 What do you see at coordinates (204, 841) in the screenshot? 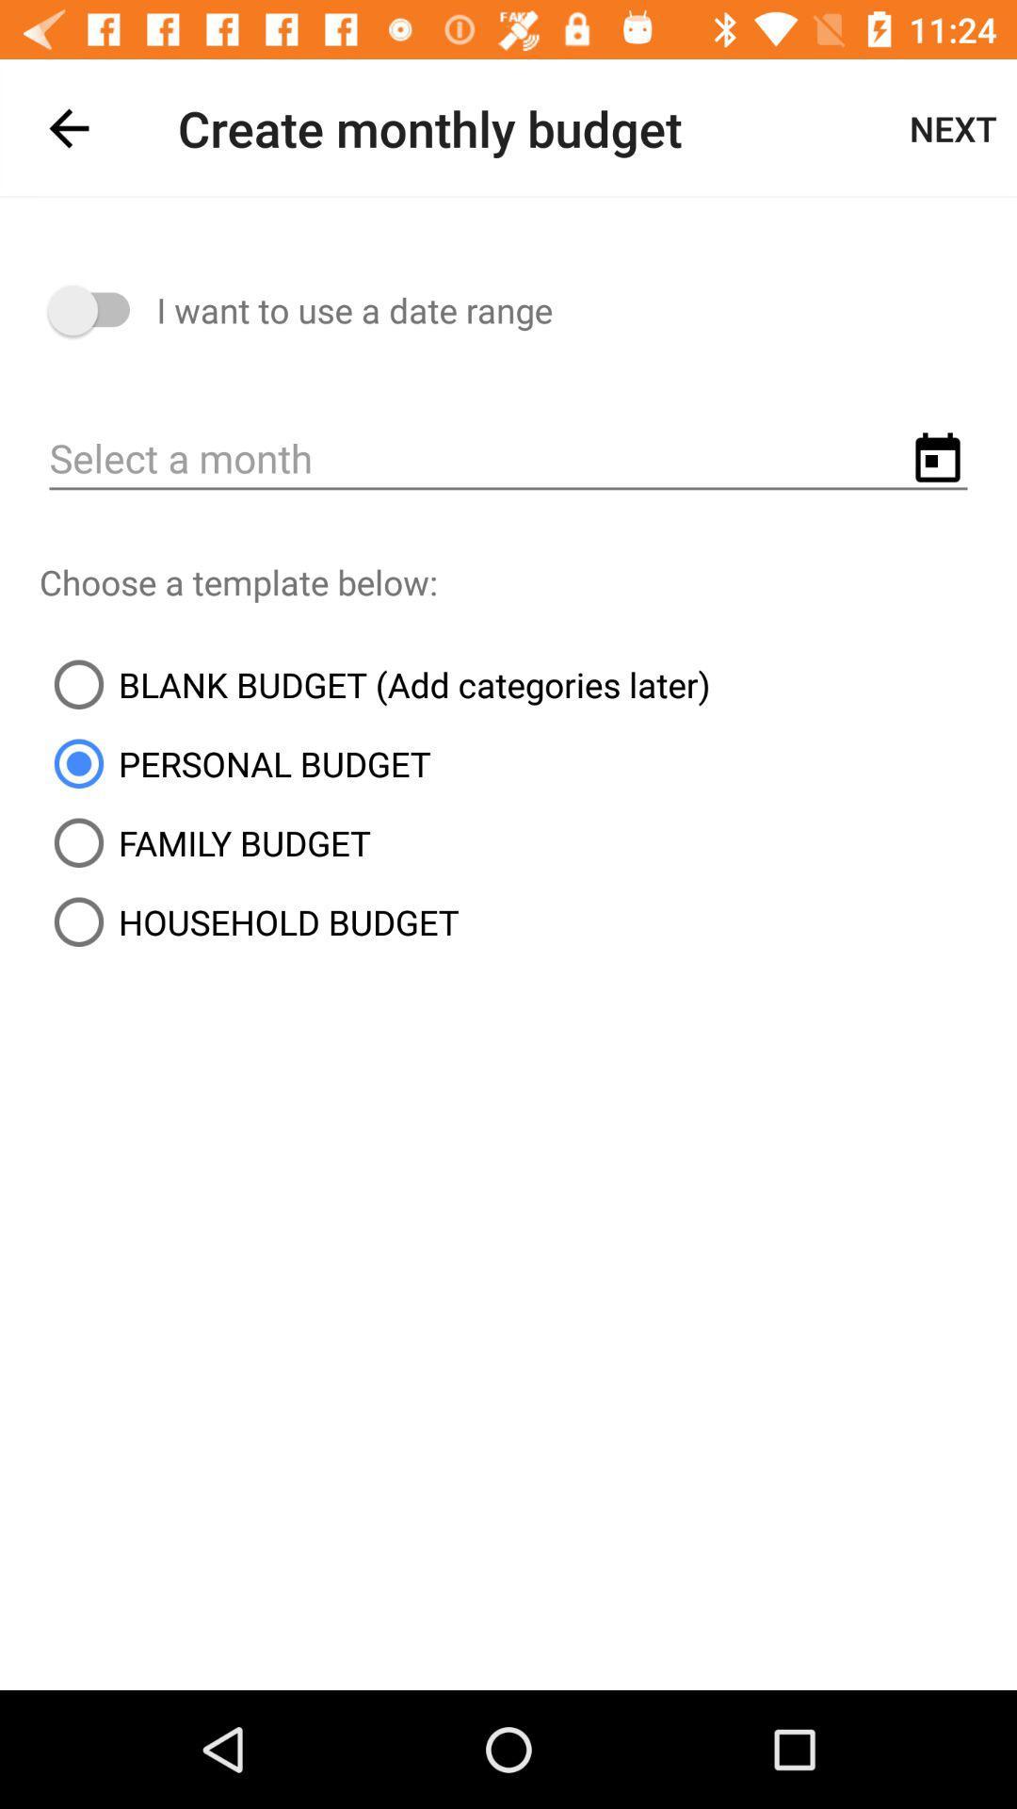
I see `the icon above household budget item` at bounding box center [204, 841].